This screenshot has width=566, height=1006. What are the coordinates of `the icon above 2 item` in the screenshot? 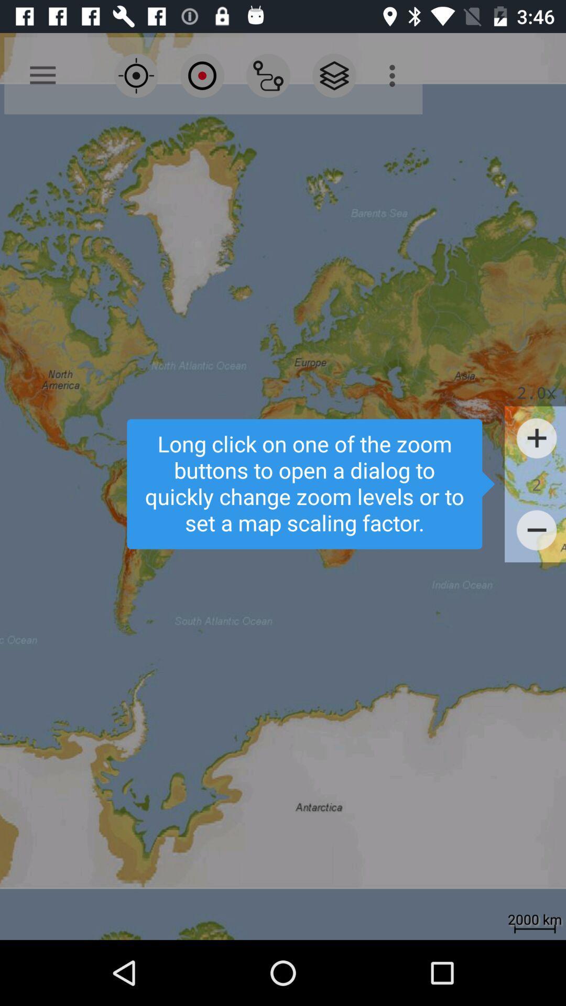 It's located at (537, 438).